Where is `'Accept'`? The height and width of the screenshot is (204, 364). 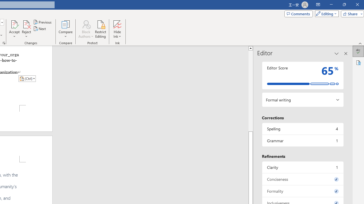 'Accept' is located at coordinates (14, 29).